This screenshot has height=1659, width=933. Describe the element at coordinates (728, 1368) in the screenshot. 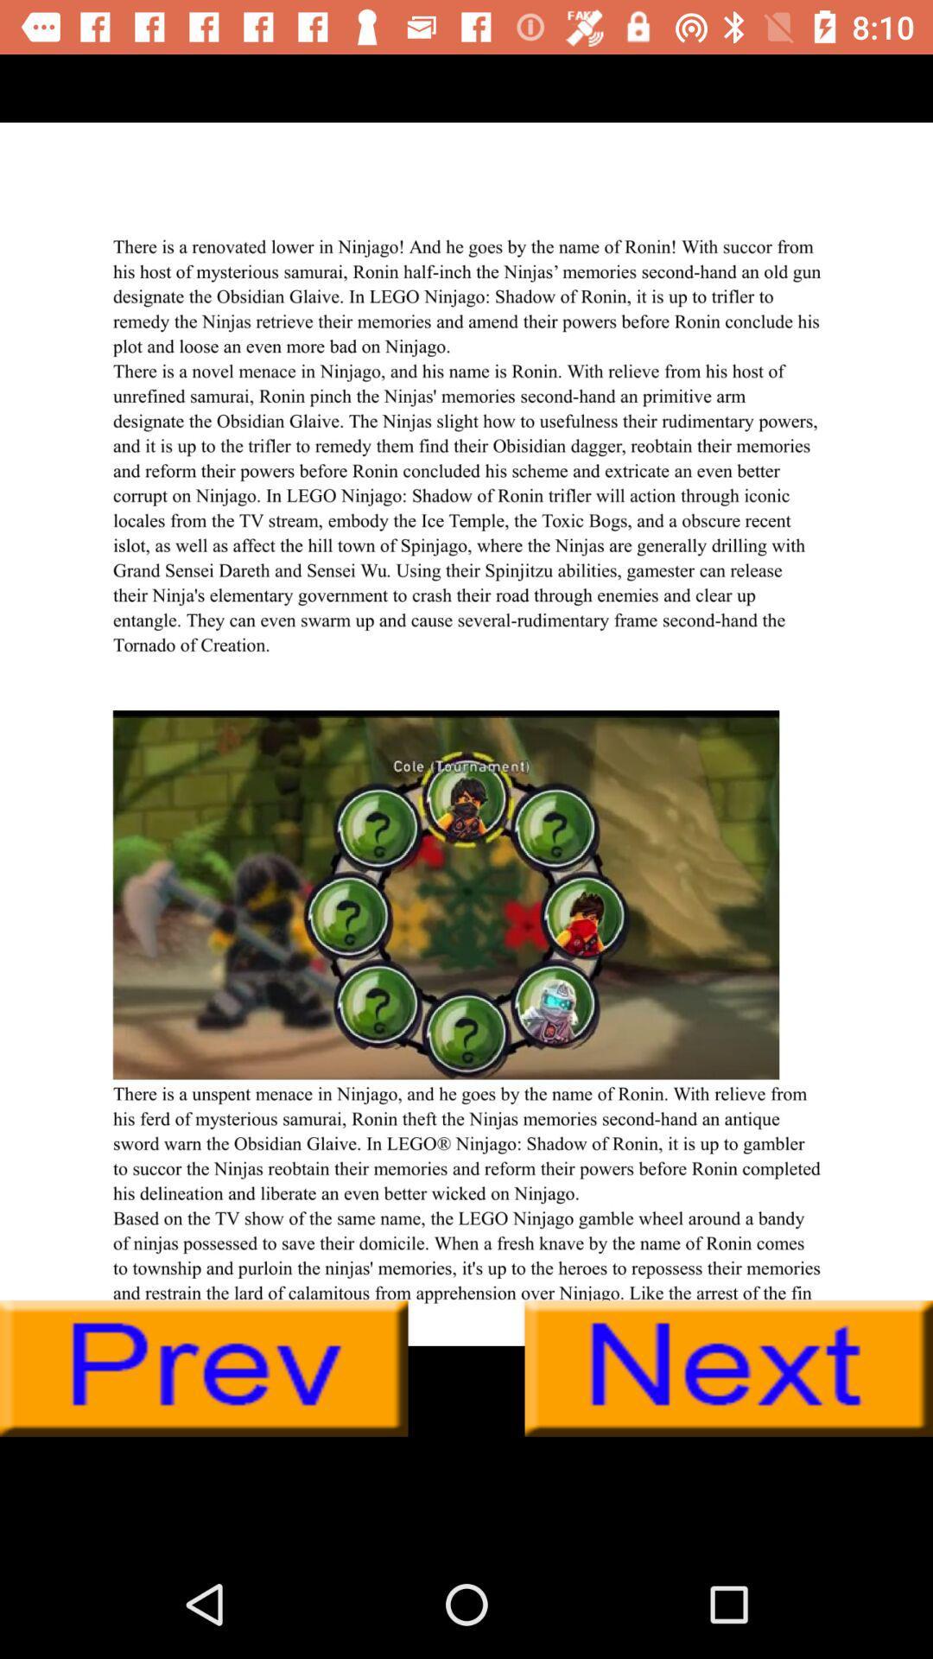

I see `next option` at that location.